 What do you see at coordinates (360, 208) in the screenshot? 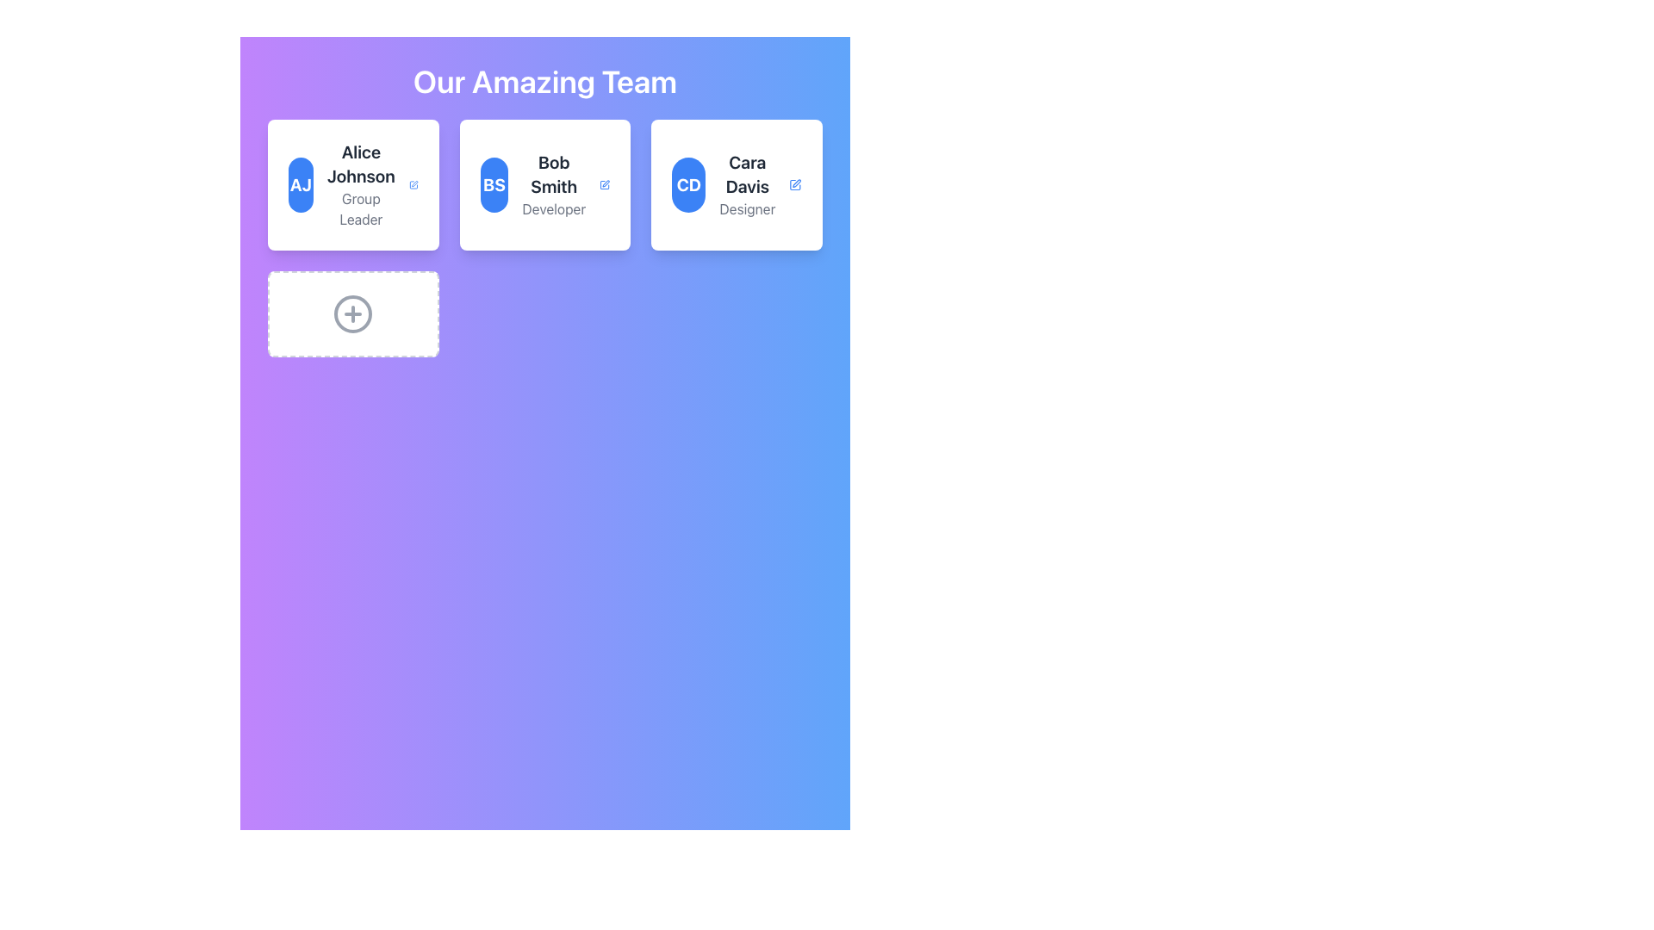
I see `the text label displaying 'Group Leader' in gray font, located beneath 'Alice Johnson' in the first team member card` at bounding box center [360, 208].